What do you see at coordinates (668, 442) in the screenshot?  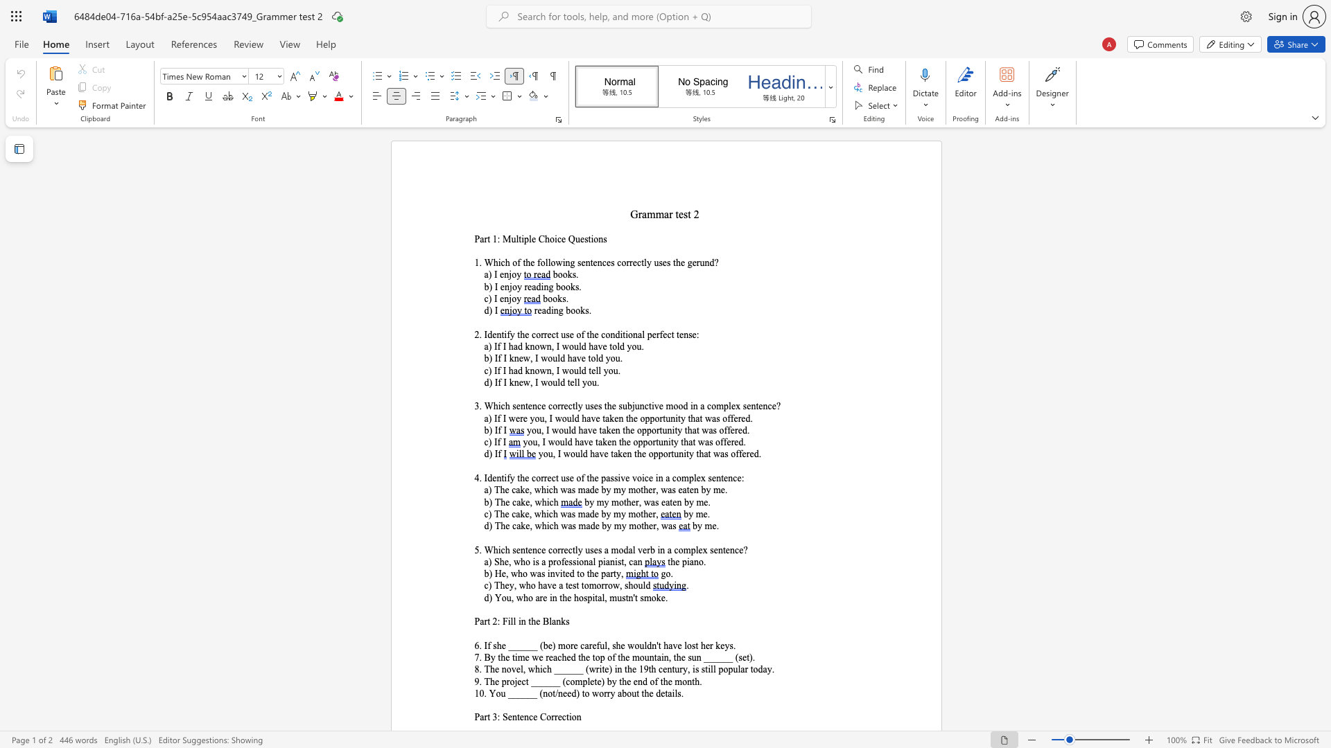 I see `the subset text "ity that was" within the text "you, I would have taken the opportunity that was offered."` at bounding box center [668, 442].